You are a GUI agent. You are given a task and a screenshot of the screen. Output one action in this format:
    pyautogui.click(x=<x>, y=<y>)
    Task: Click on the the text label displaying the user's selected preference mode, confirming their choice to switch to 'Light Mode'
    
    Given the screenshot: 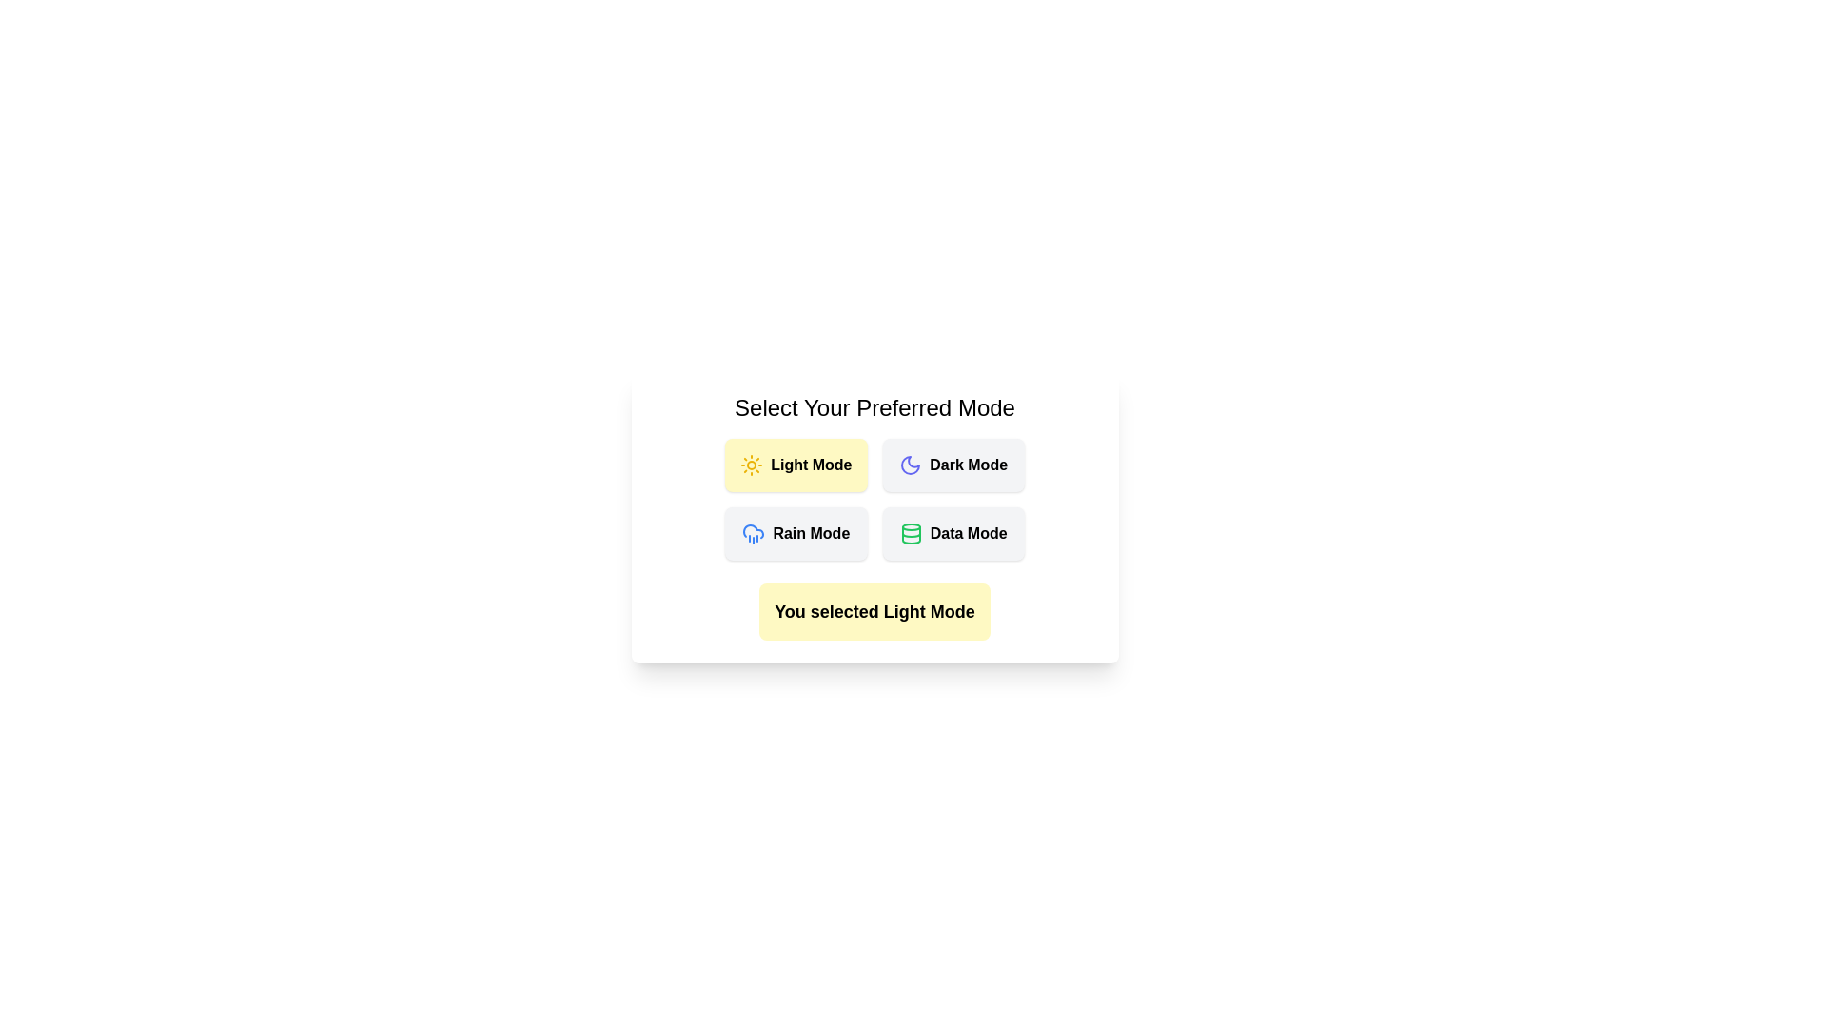 What is the action you would take?
    pyautogui.click(x=874, y=612)
    